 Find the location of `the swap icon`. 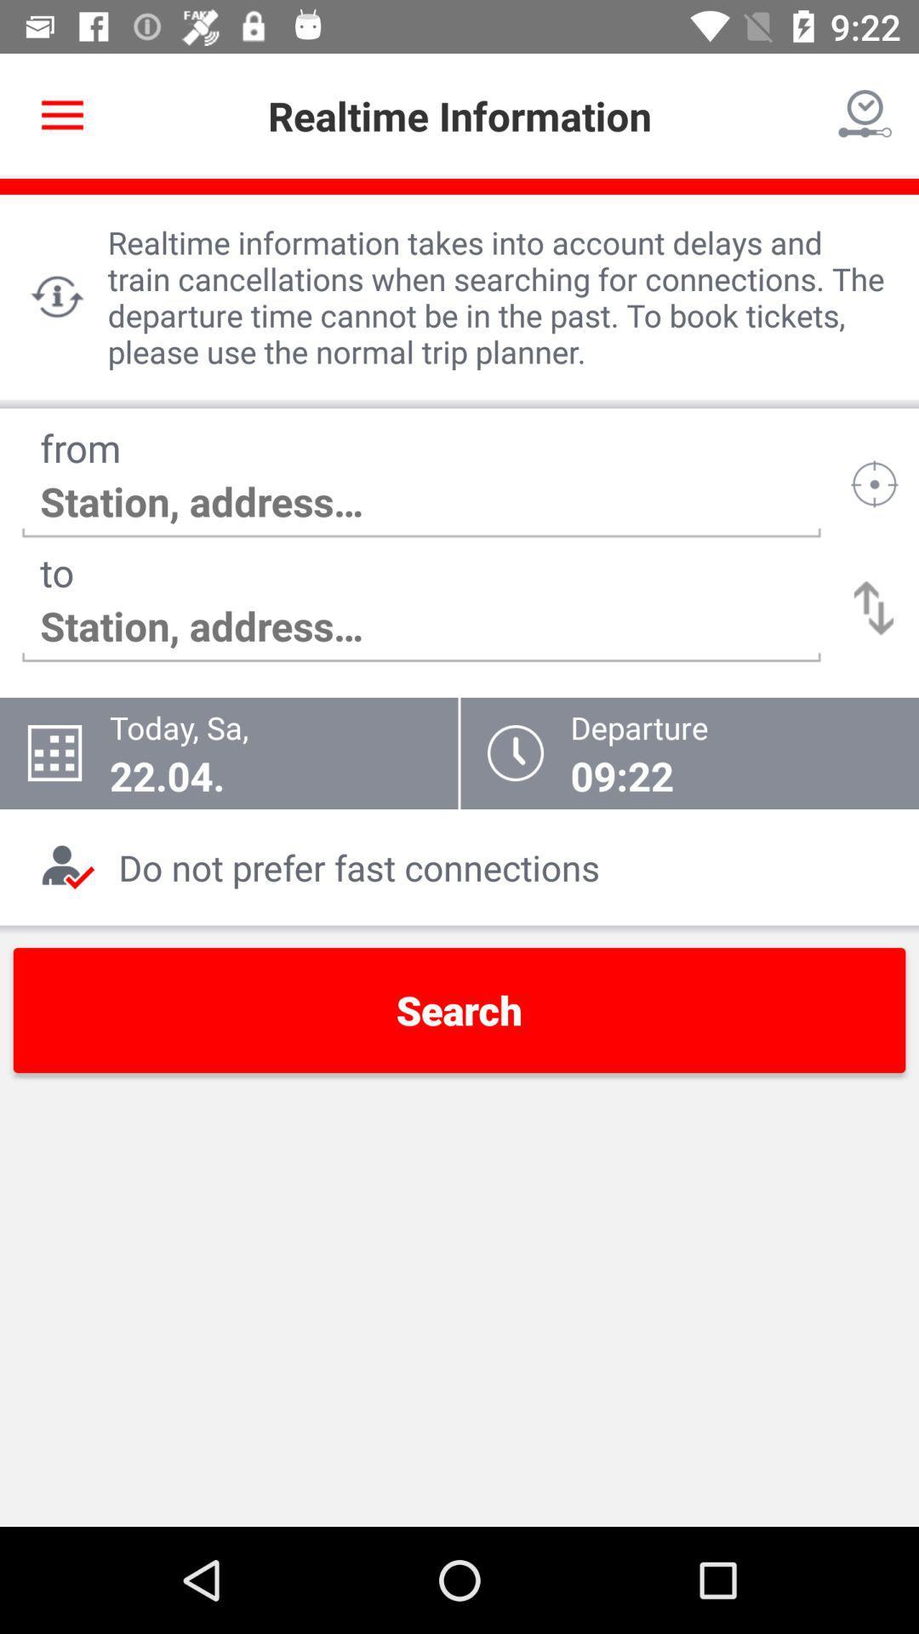

the swap icon is located at coordinates (874, 608).